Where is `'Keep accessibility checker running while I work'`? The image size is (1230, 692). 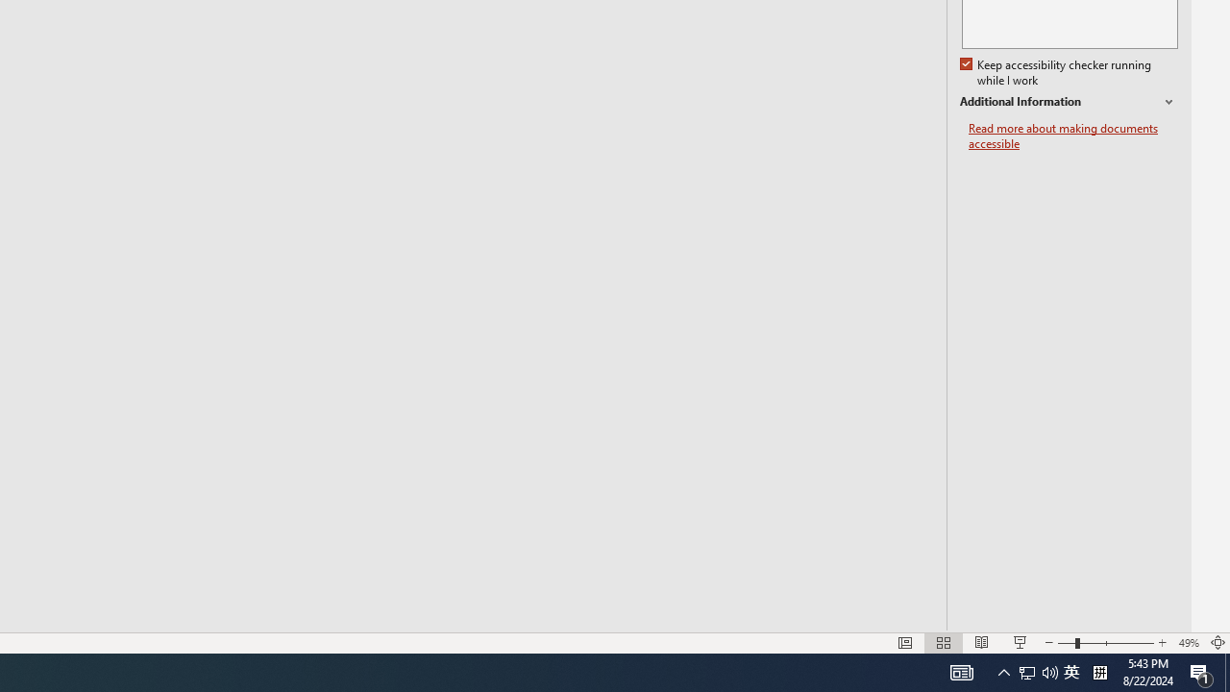 'Keep accessibility checker running while I work' is located at coordinates (1056, 72).